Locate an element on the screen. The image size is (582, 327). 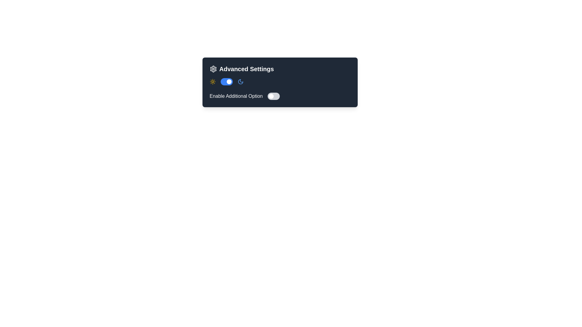
the text label displaying 'Enable Additional Option' in the 'Advanced Settings' section, located to the left of a toggle switch is located at coordinates (236, 96).